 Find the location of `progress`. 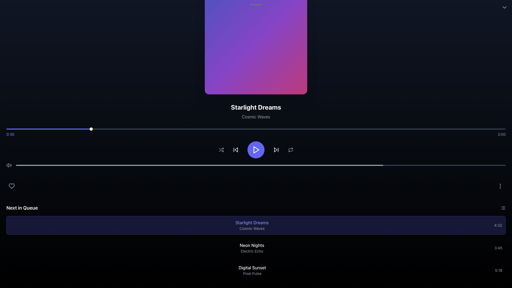

progress is located at coordinates (34, 129).